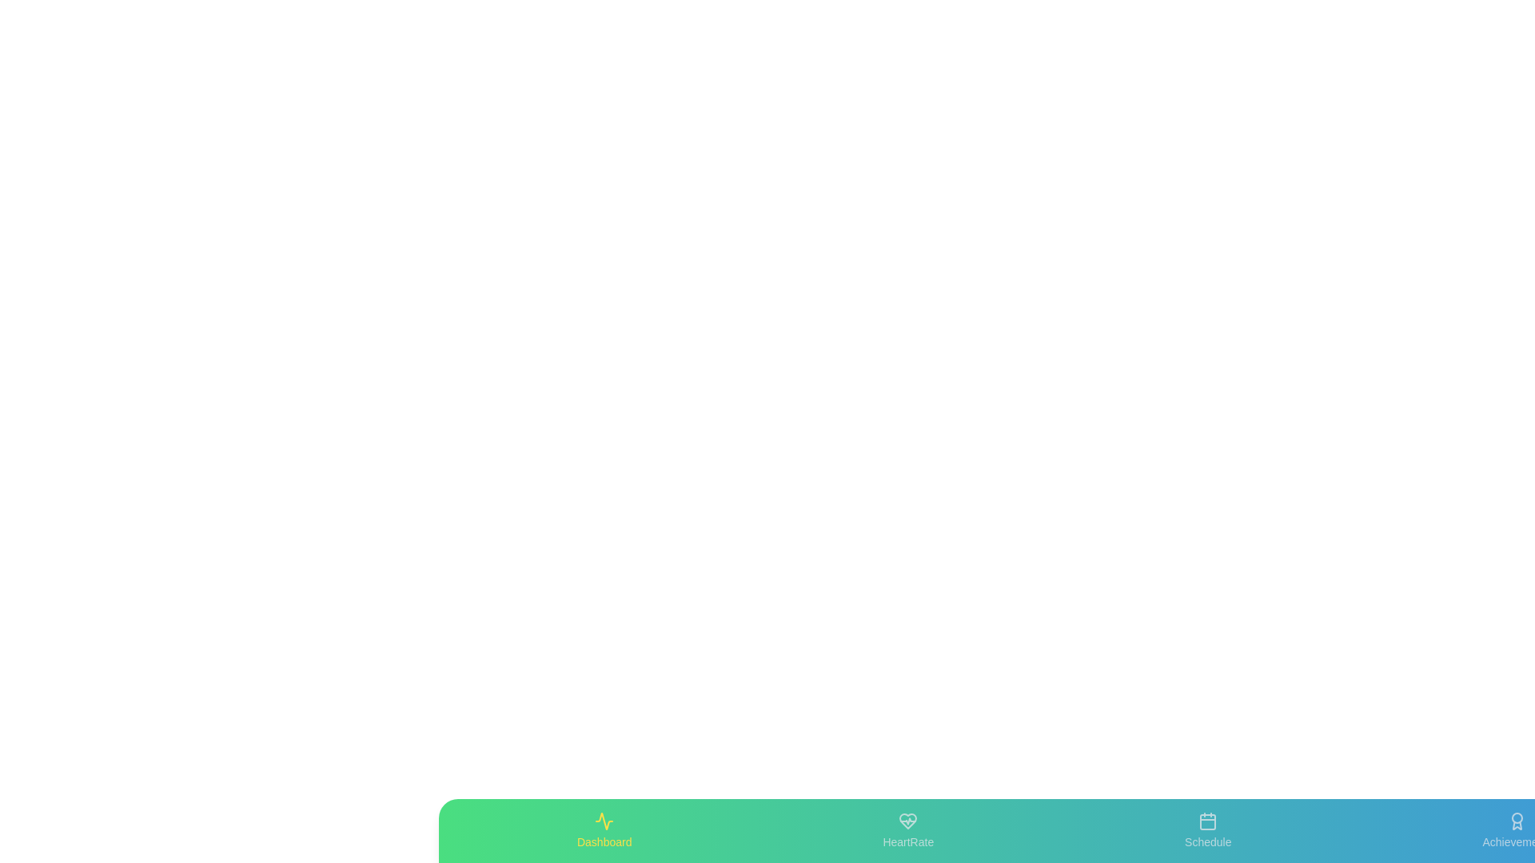  I want to click on the icon labeled Dashboard to display additional information, so click(603, 830).